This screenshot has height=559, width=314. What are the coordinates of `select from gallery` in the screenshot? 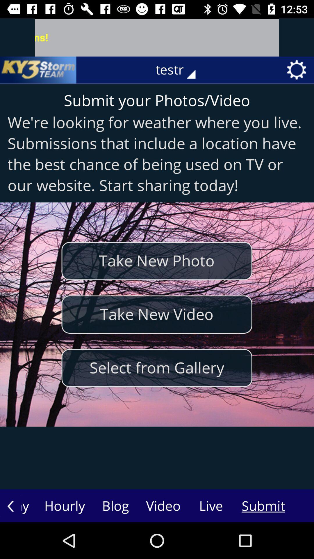 It's located at (156, 368).